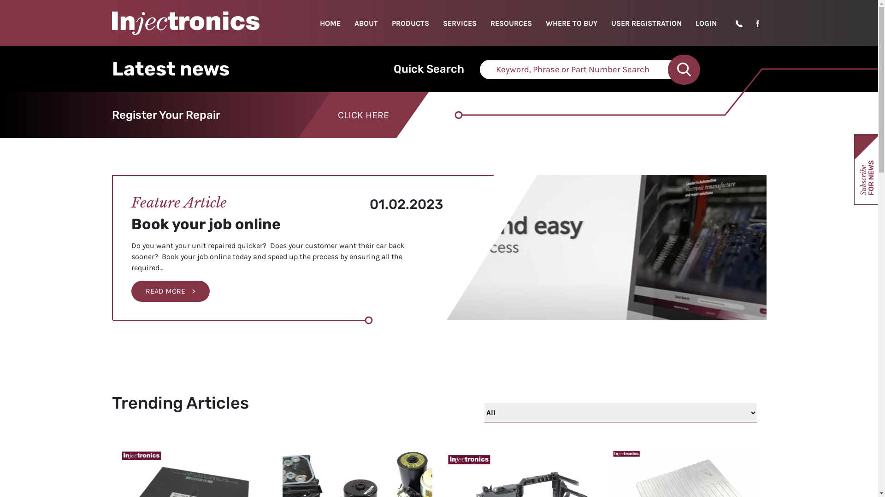 The image size is (885, 497). What do you see at coordinates (510, 22) in the screenshot?
I see `'RESOURCES'` at bounding box center [510, 22].